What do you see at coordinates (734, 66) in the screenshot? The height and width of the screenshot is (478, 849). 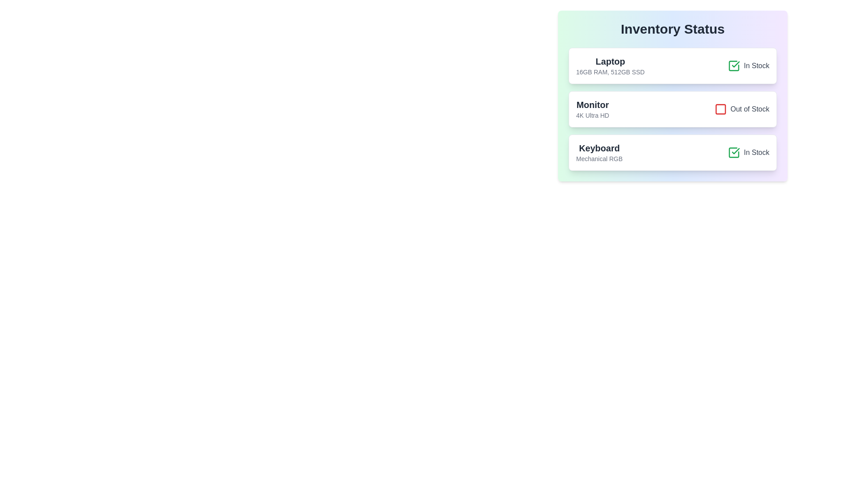 I see `the 'In Stock' icon for the Laptop item` at bounding box center [734, 66].